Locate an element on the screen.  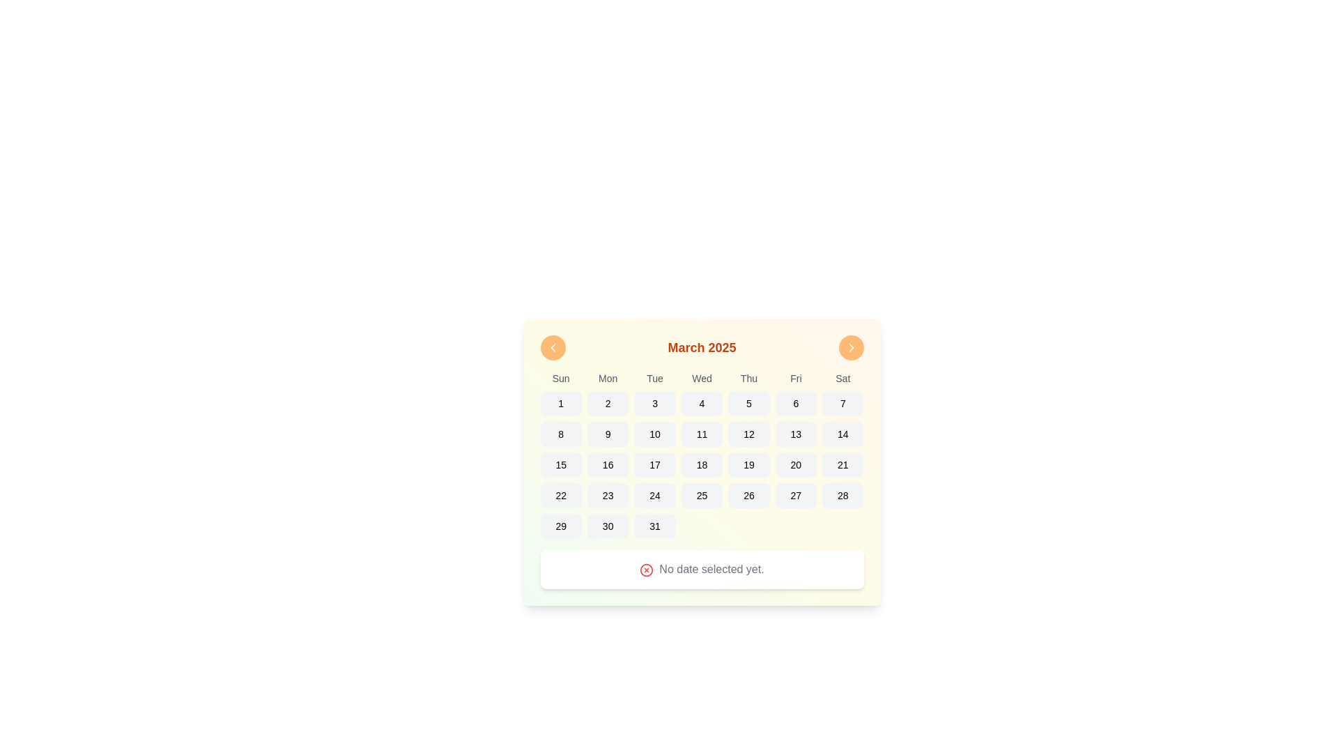
the Static Text Label that indicates the currently displayed month and year in the calendar interface is located at coordinates (702, 352).